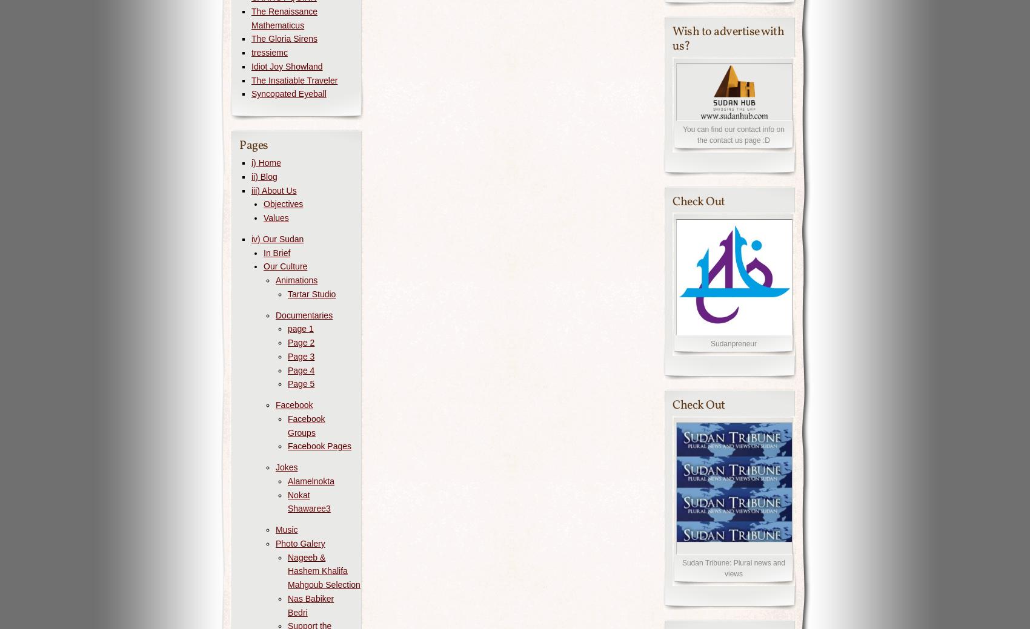 The width and height of the screenshot is (1030, 629). What do you see at coordinates (250, 93) in the screenshot?
I see `'Syncopated Eyeball'` at bounding box center [250, 93].